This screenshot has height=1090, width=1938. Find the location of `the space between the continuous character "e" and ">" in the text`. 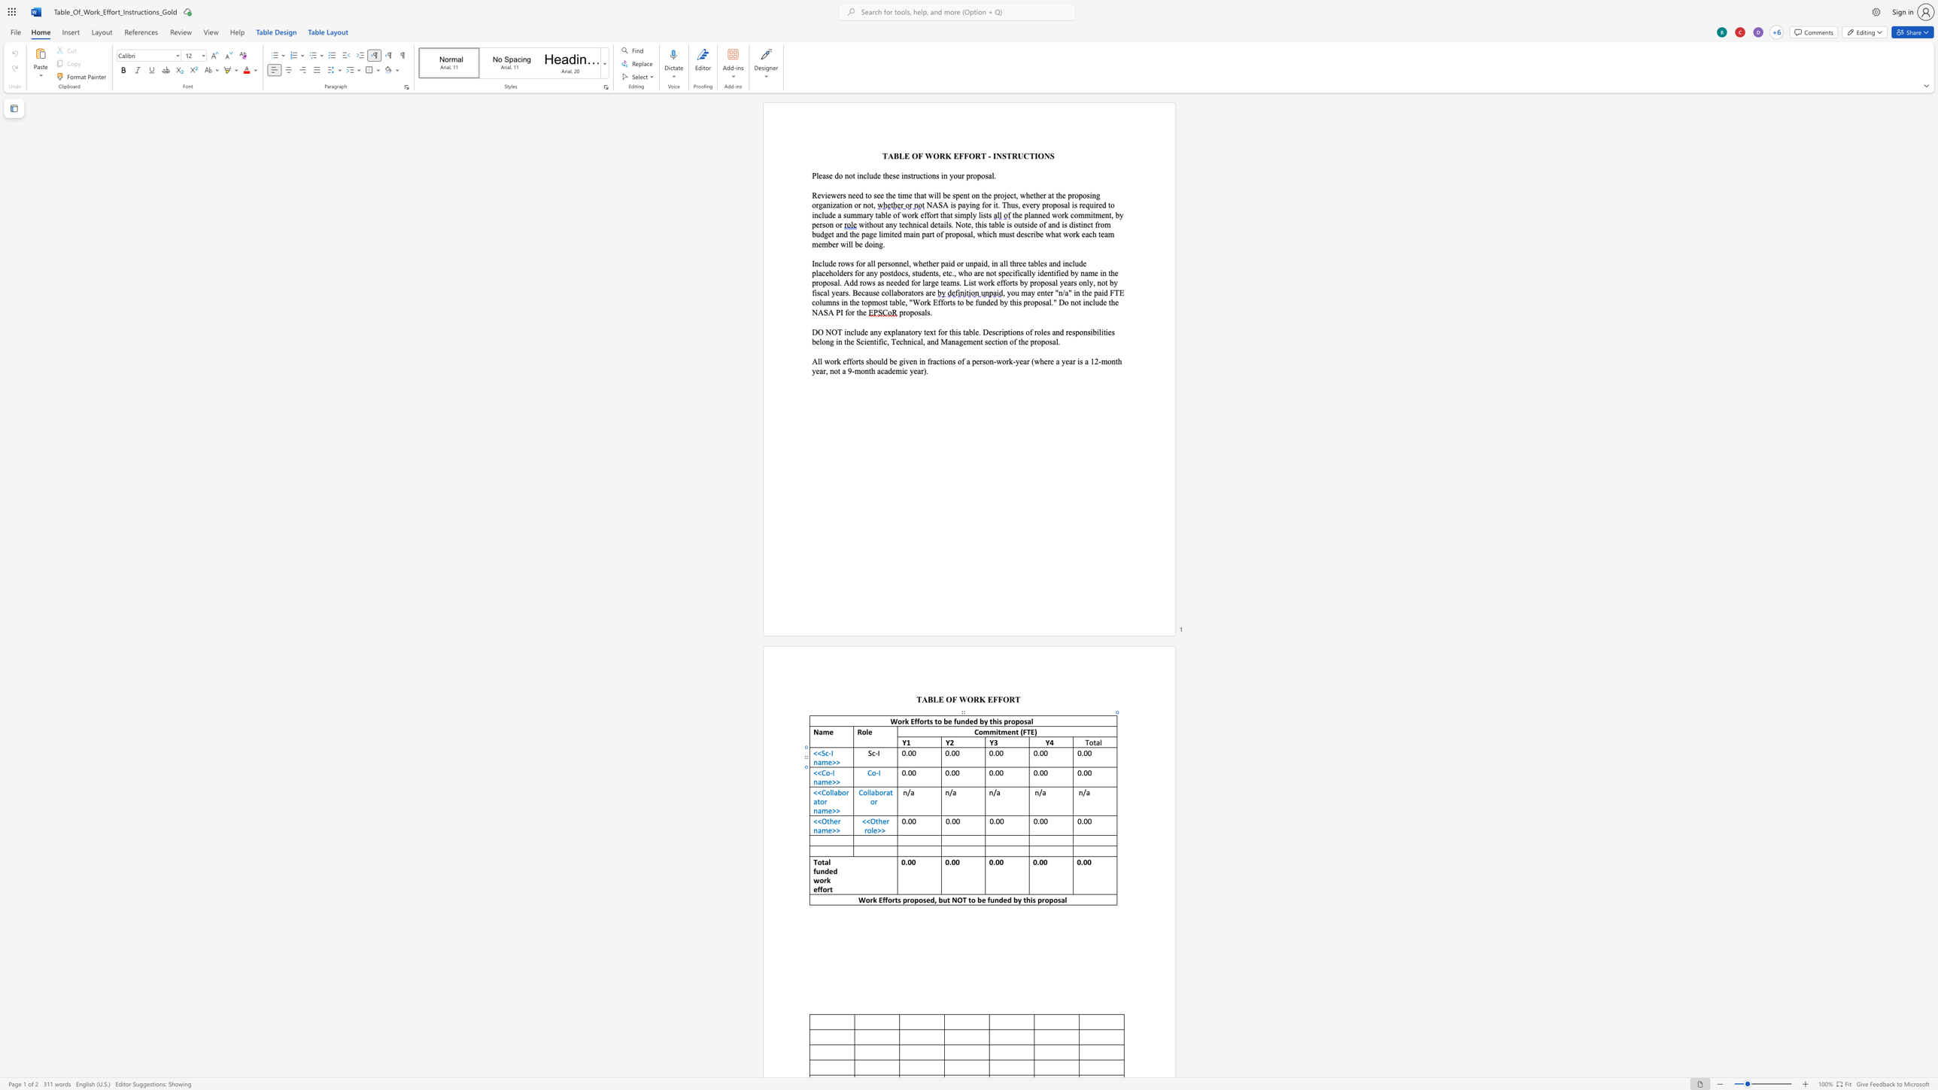

the space between the continuous character "e" and ">" in the text is located at coordinates (832, 782).